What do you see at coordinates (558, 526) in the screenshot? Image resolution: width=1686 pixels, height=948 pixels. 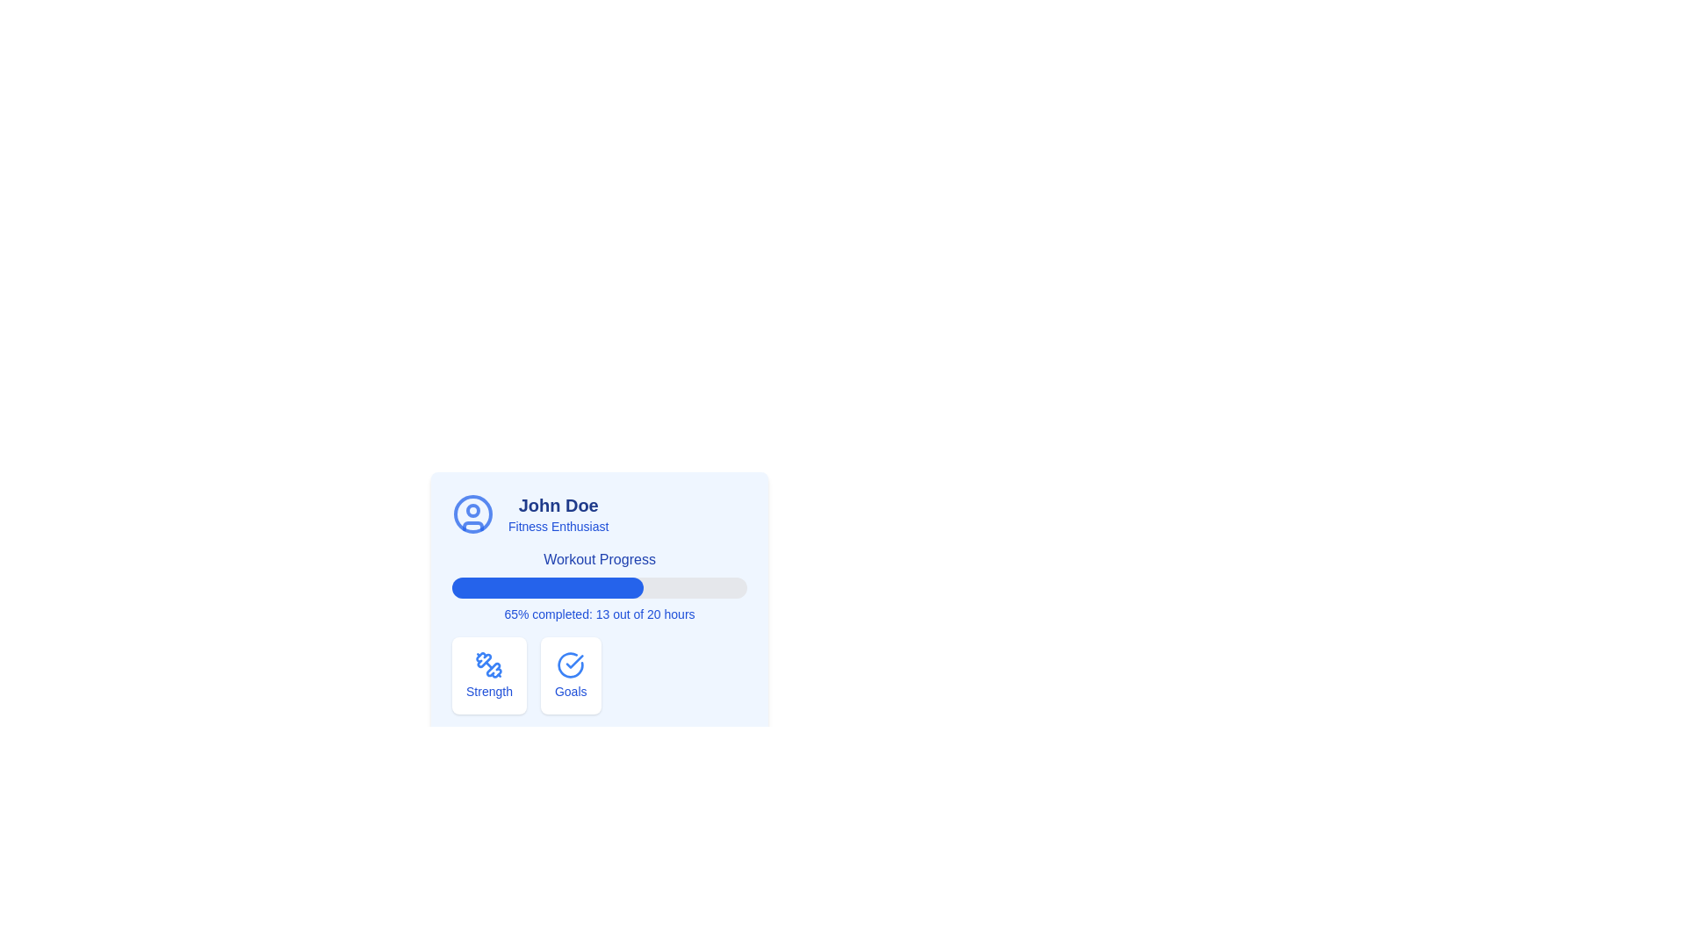 I see `descriptive text label providing additional information about the user 'John Doe', positioned below the main label in the card-like interface` at bounding box center [558, 526].